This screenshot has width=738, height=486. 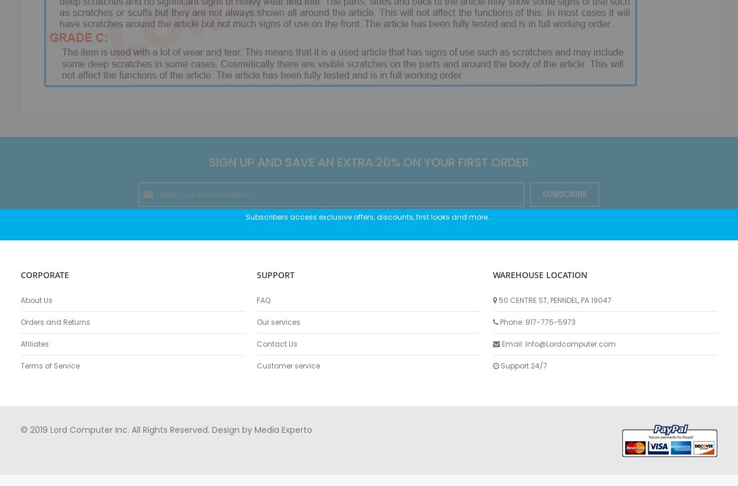 I want to click on 'Support 24/7', so click(x=523, y=365).